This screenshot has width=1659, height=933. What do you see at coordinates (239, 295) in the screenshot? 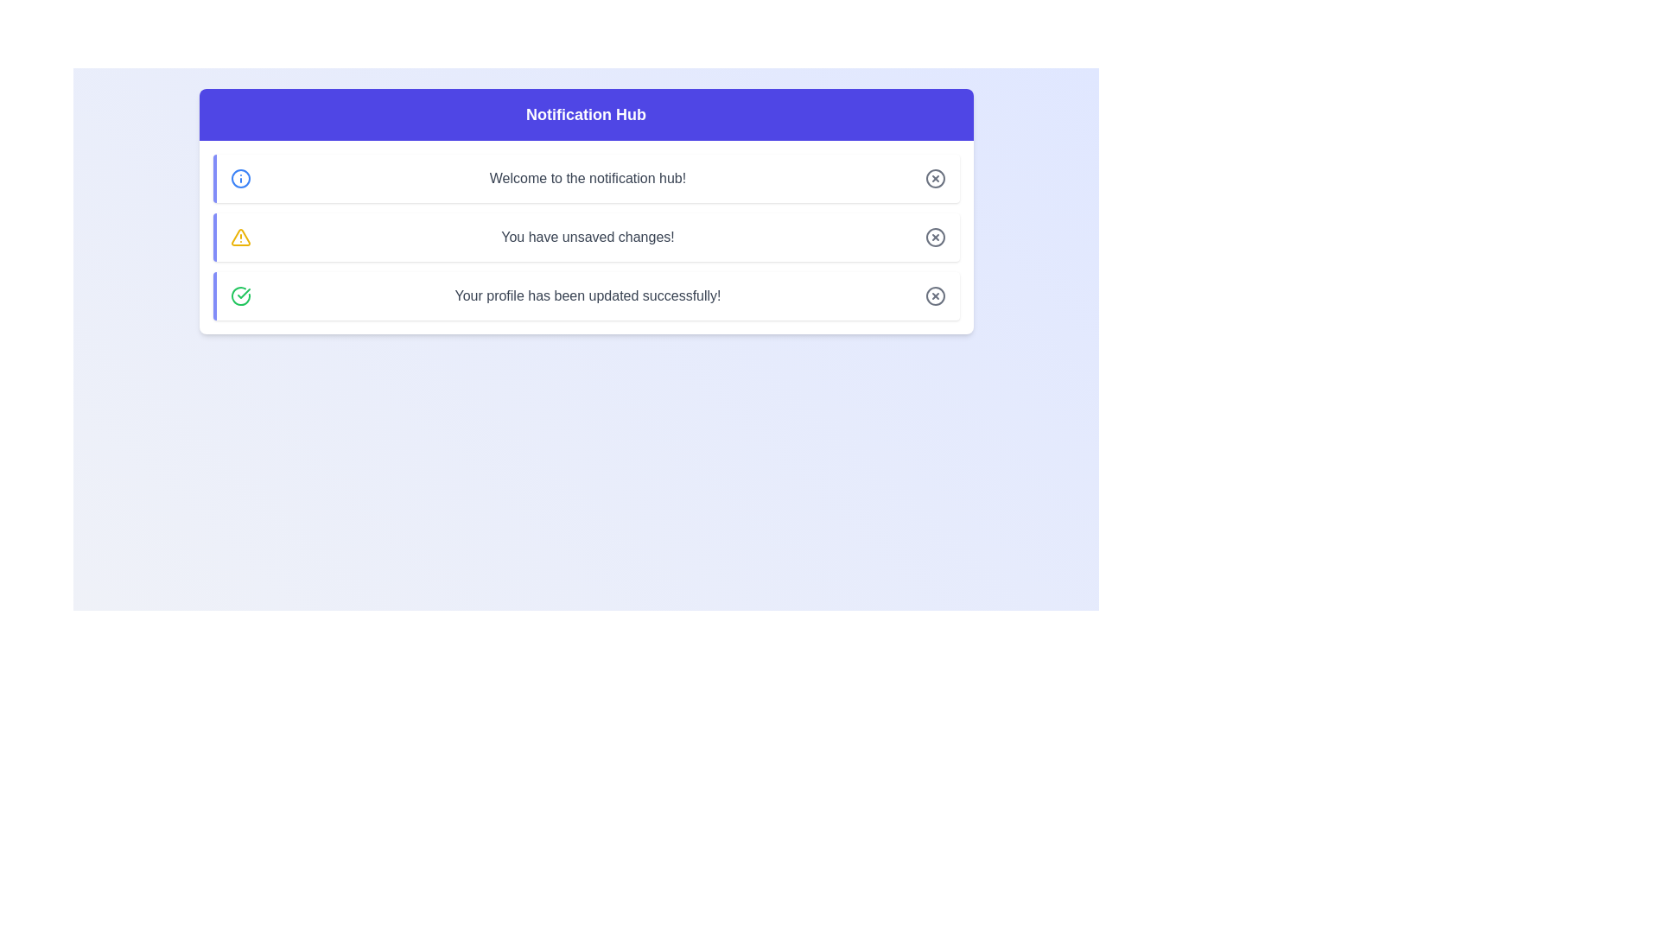
I see `the green circular icon with a check mark inside, indicating a successful action, located in the third notification of the notification panel` at bounding box center [239, 295].